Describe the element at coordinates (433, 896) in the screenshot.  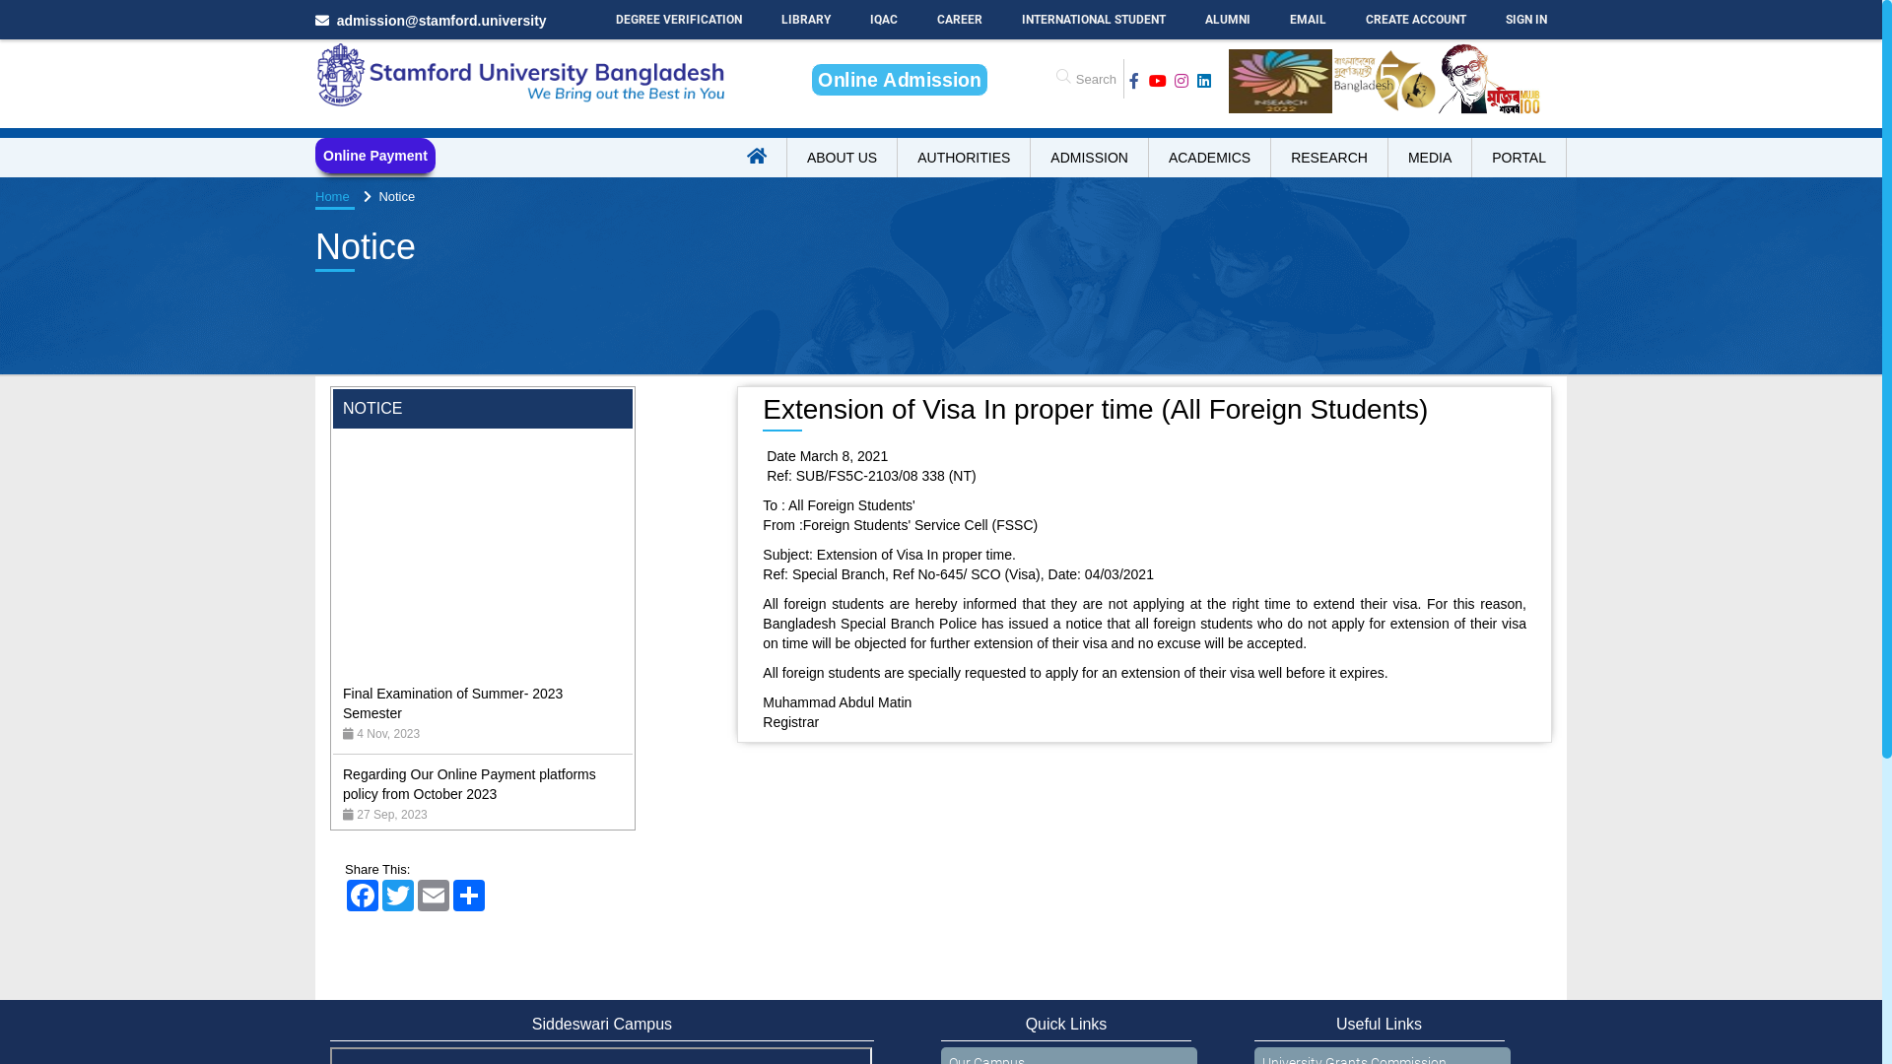
I see `'Email'` at that location.